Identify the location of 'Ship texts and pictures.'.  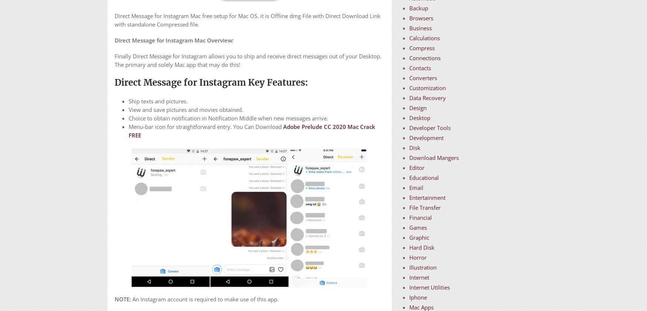
(157, 101).